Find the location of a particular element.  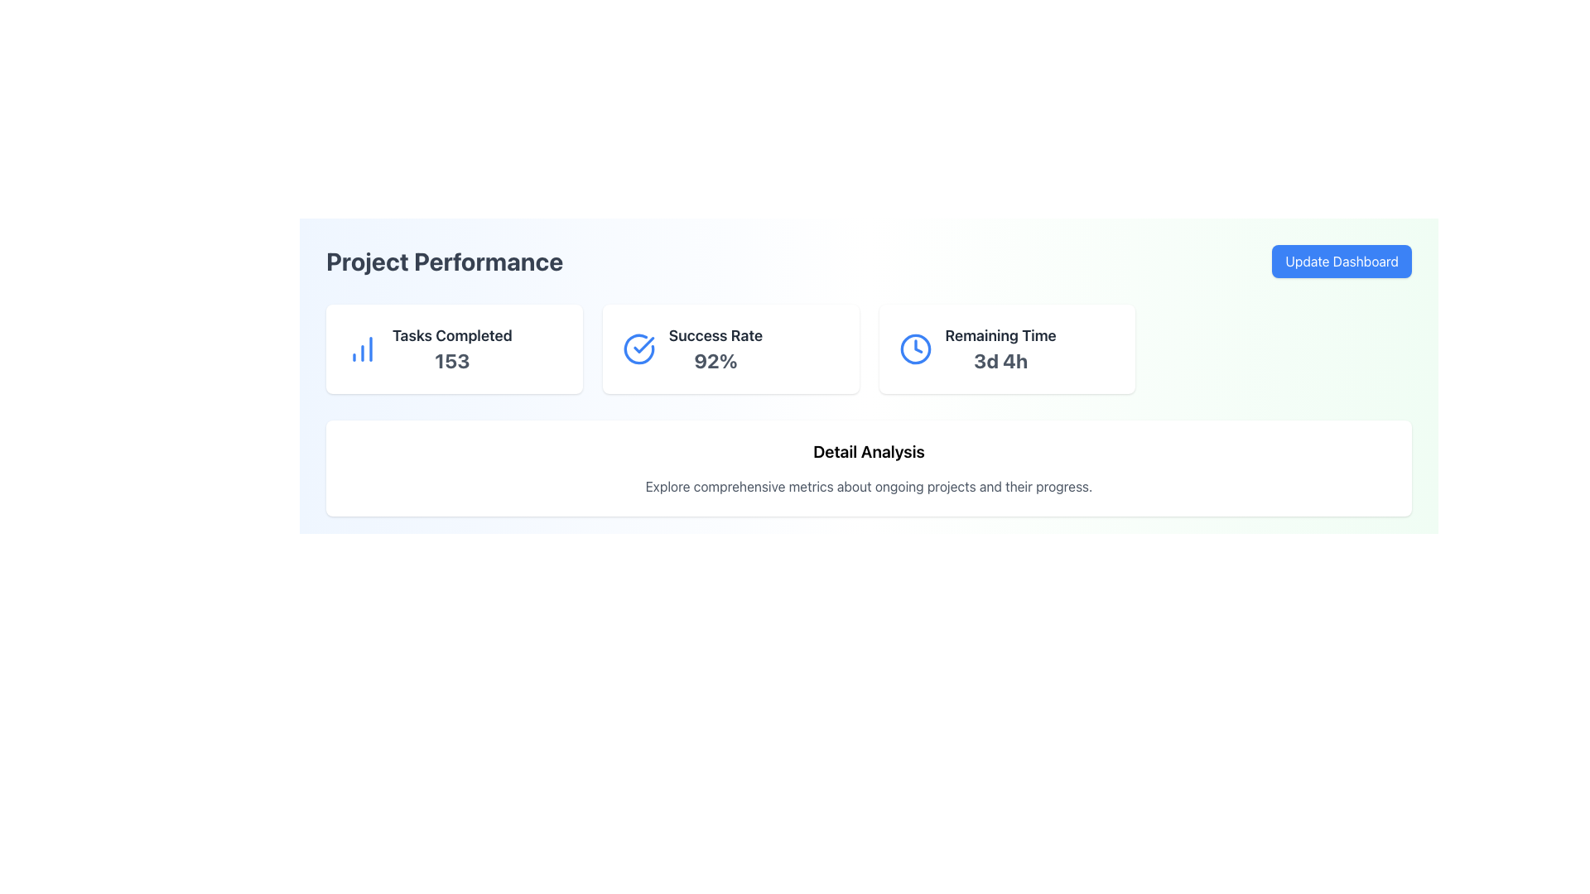

time information displayed on the Informational Card, which is located in the top-right portion of the grid, next to the 'Success Rate' block is located at coordinates (1006, 348).